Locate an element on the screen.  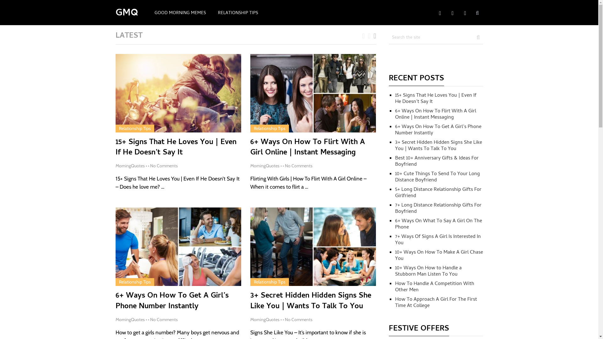
'GOOD MORNING MEMES' is located at coordinates (148, 13).